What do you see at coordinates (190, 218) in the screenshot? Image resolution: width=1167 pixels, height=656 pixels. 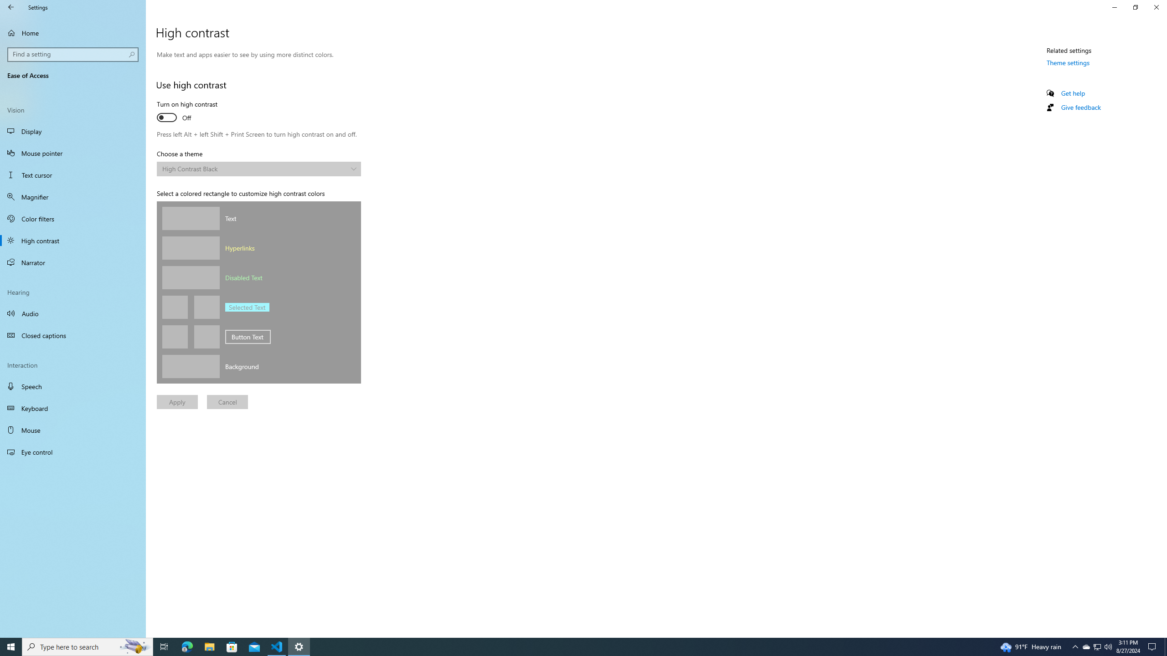 I see `'Text color'` at bounding box center [190, 218].